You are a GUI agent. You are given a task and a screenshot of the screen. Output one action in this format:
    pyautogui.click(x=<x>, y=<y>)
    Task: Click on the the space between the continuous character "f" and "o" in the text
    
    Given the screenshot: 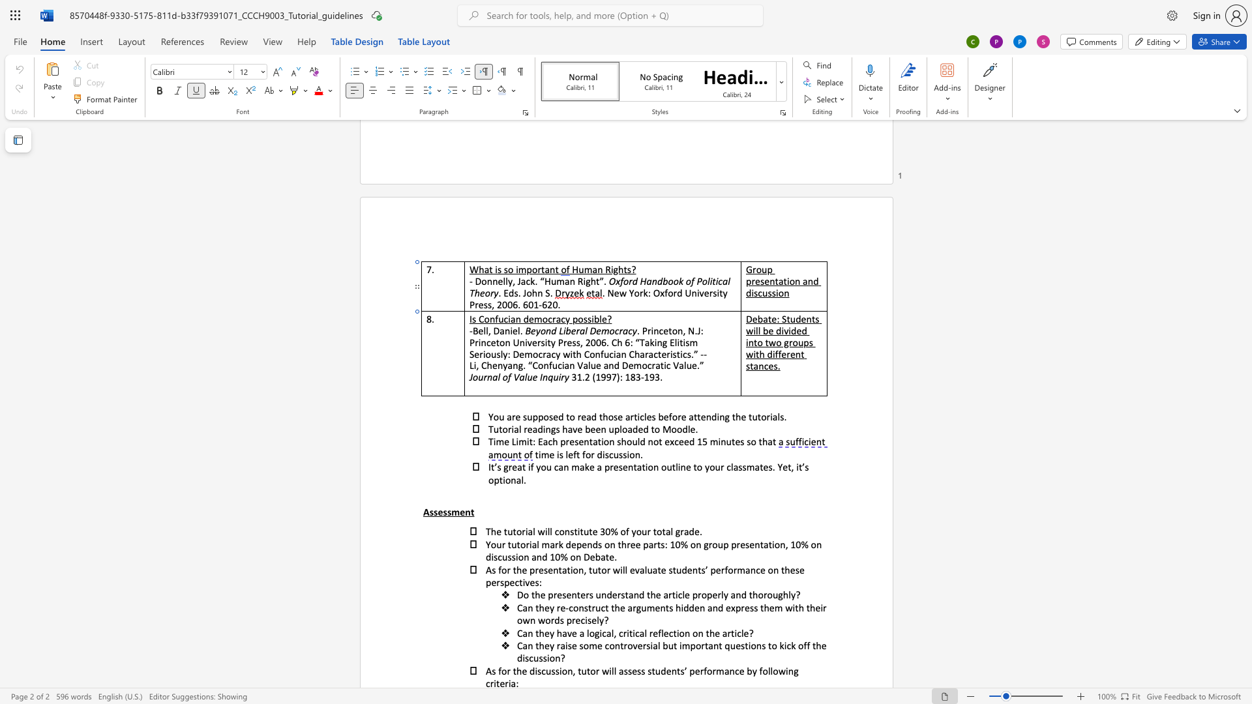 What is the action you would take?
    pyautogui.click(x=672, y=417)
    